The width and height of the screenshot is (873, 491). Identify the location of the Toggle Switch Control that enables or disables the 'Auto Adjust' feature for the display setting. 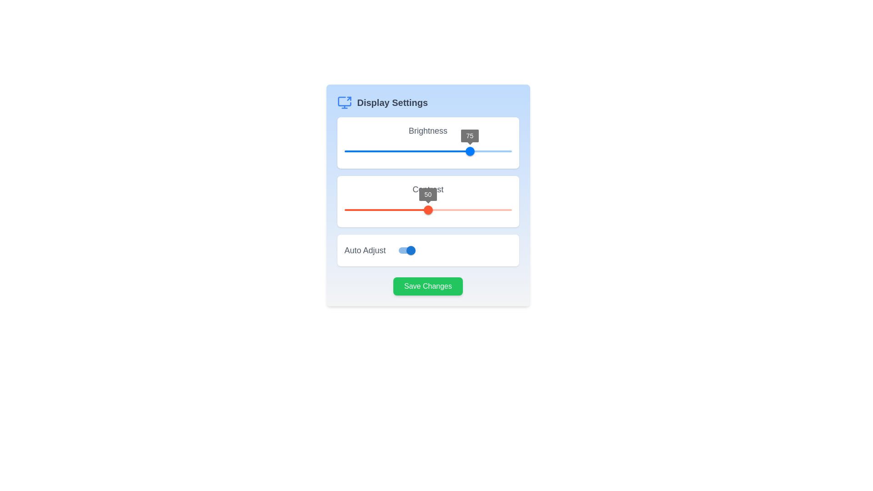
(427, 251).